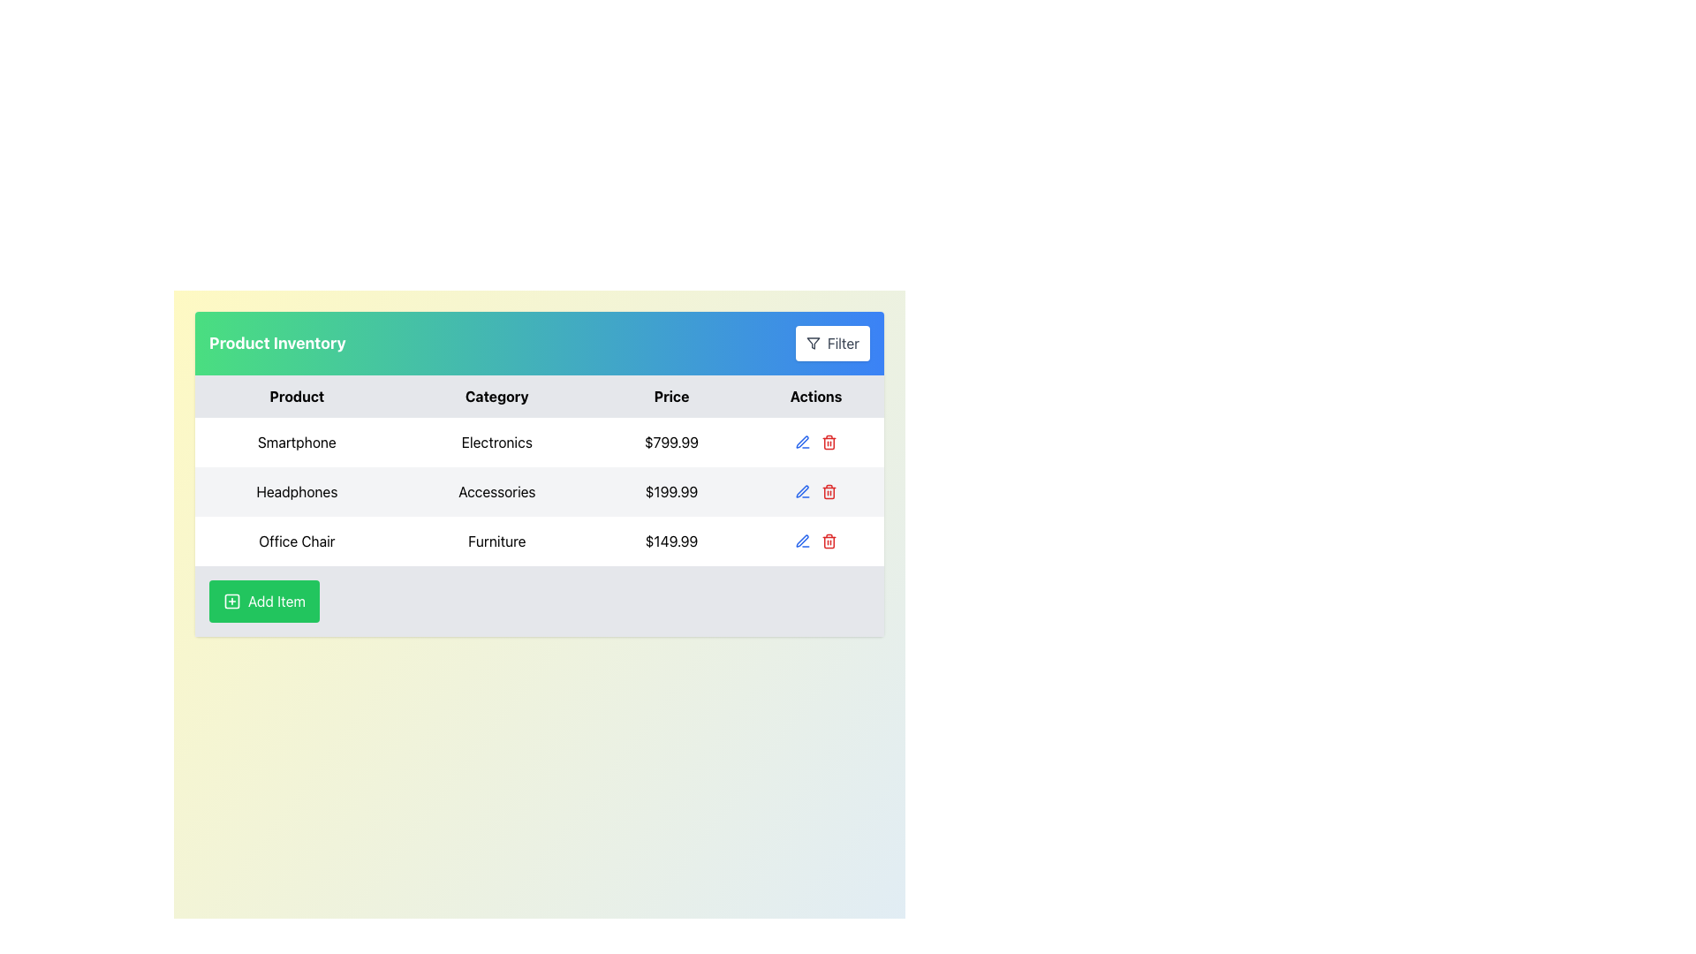 Image resolution: width=1696 pixels, height=954 pixels. What do you see at coordinates (842, 344) in the screenshot?
I see `the 'Filter' text label, which is styled in dark gray sans-serif font and located next to a filter icon in the top-right section of the interface` at bounding box center [842, 344].